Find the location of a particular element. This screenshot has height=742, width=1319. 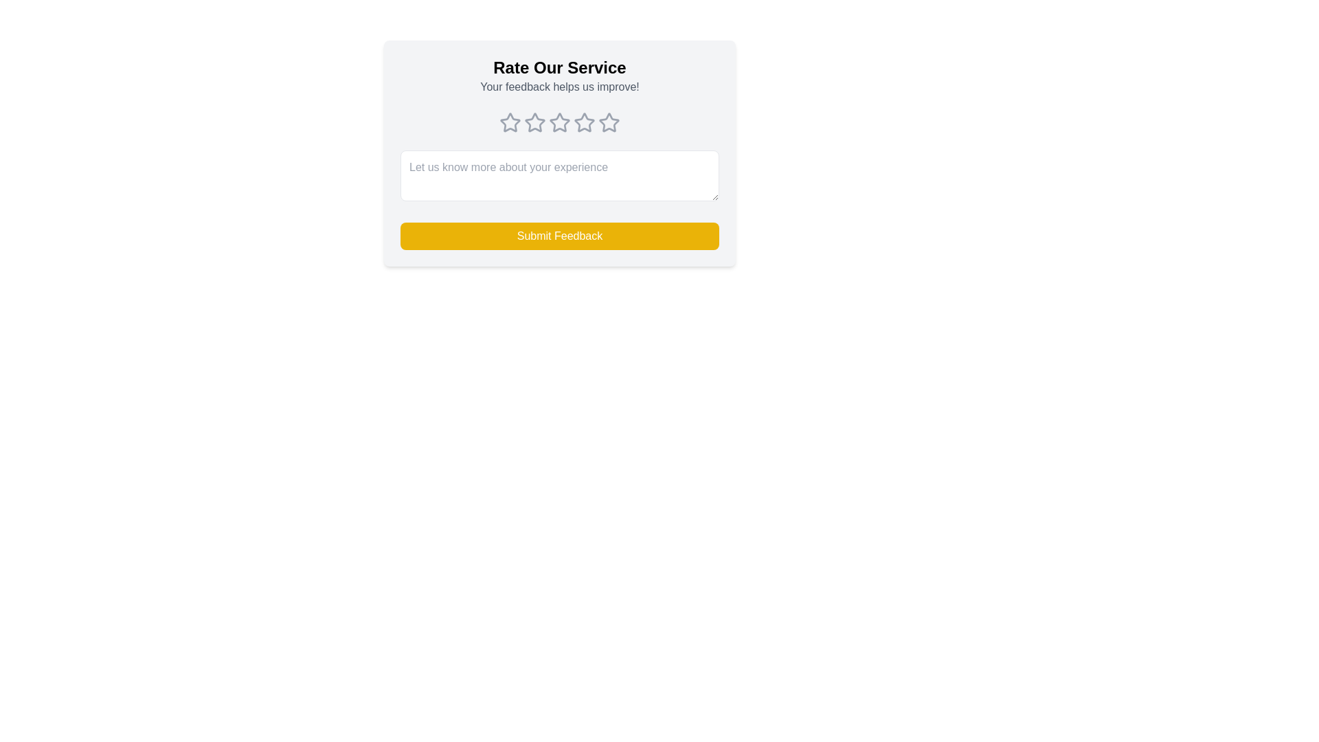

the text input field that accepts user feedback, which is centrally located below the star rating icons and above the 'Submit Feedback' button is located at coordinates (560, 175).